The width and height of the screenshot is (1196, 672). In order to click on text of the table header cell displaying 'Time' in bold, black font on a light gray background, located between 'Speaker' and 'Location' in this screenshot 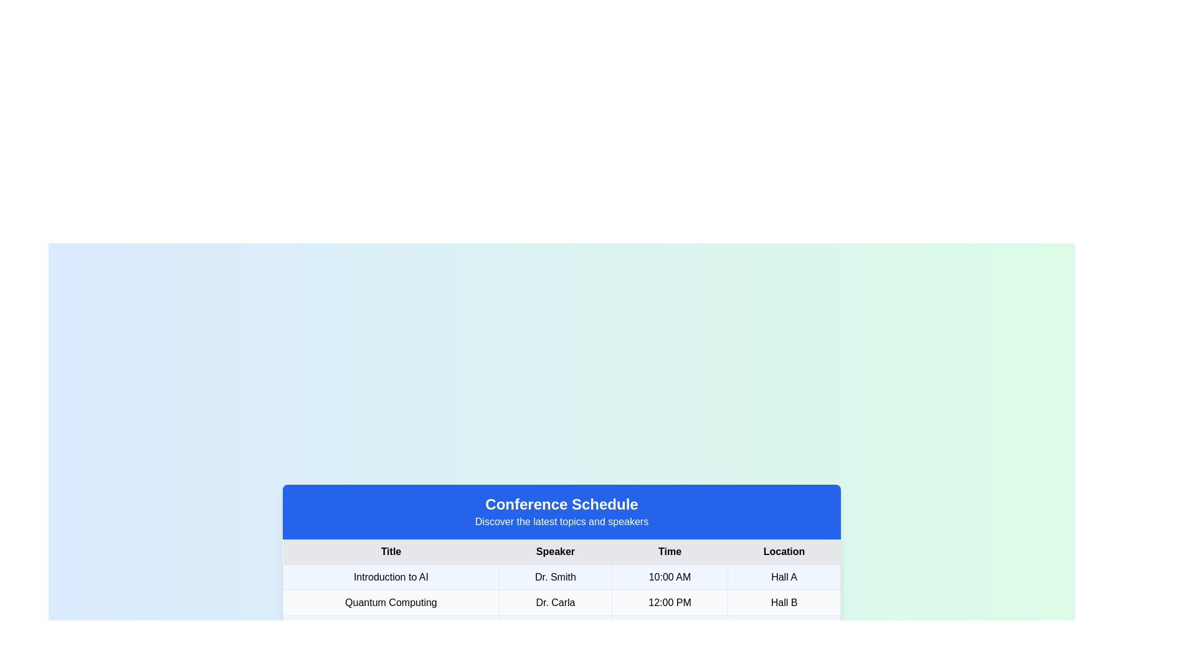, I will do `click(669, 551)`.